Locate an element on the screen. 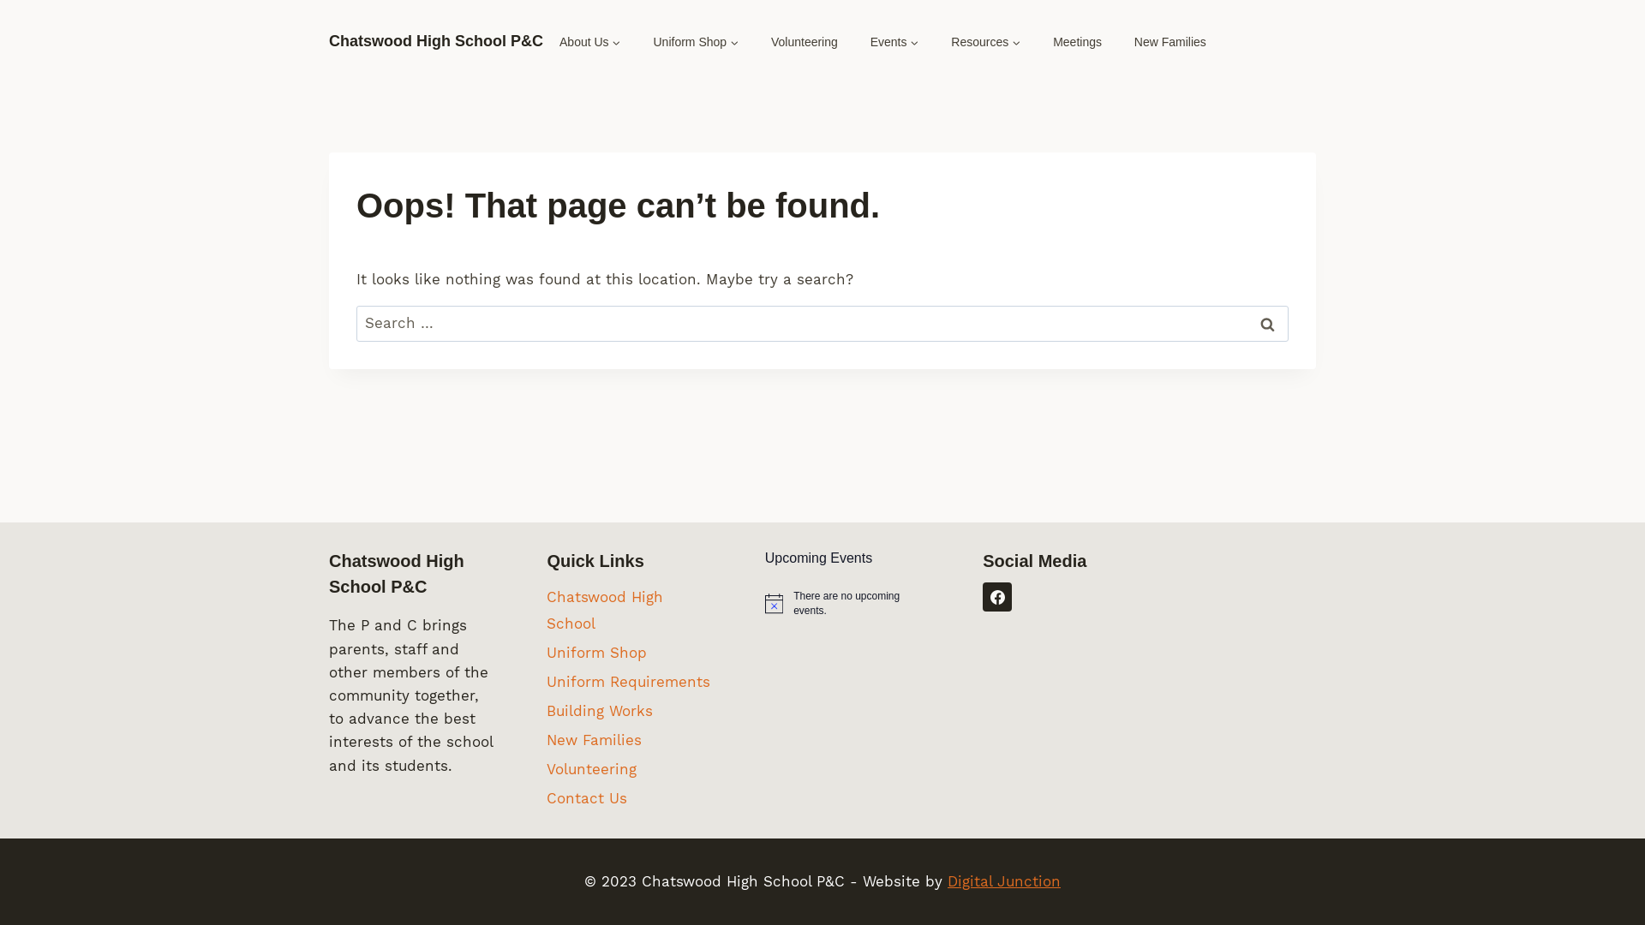 The width and height of the screenshot is (1645, 925). 'Meetings' is located at coordinates (1076, 41).